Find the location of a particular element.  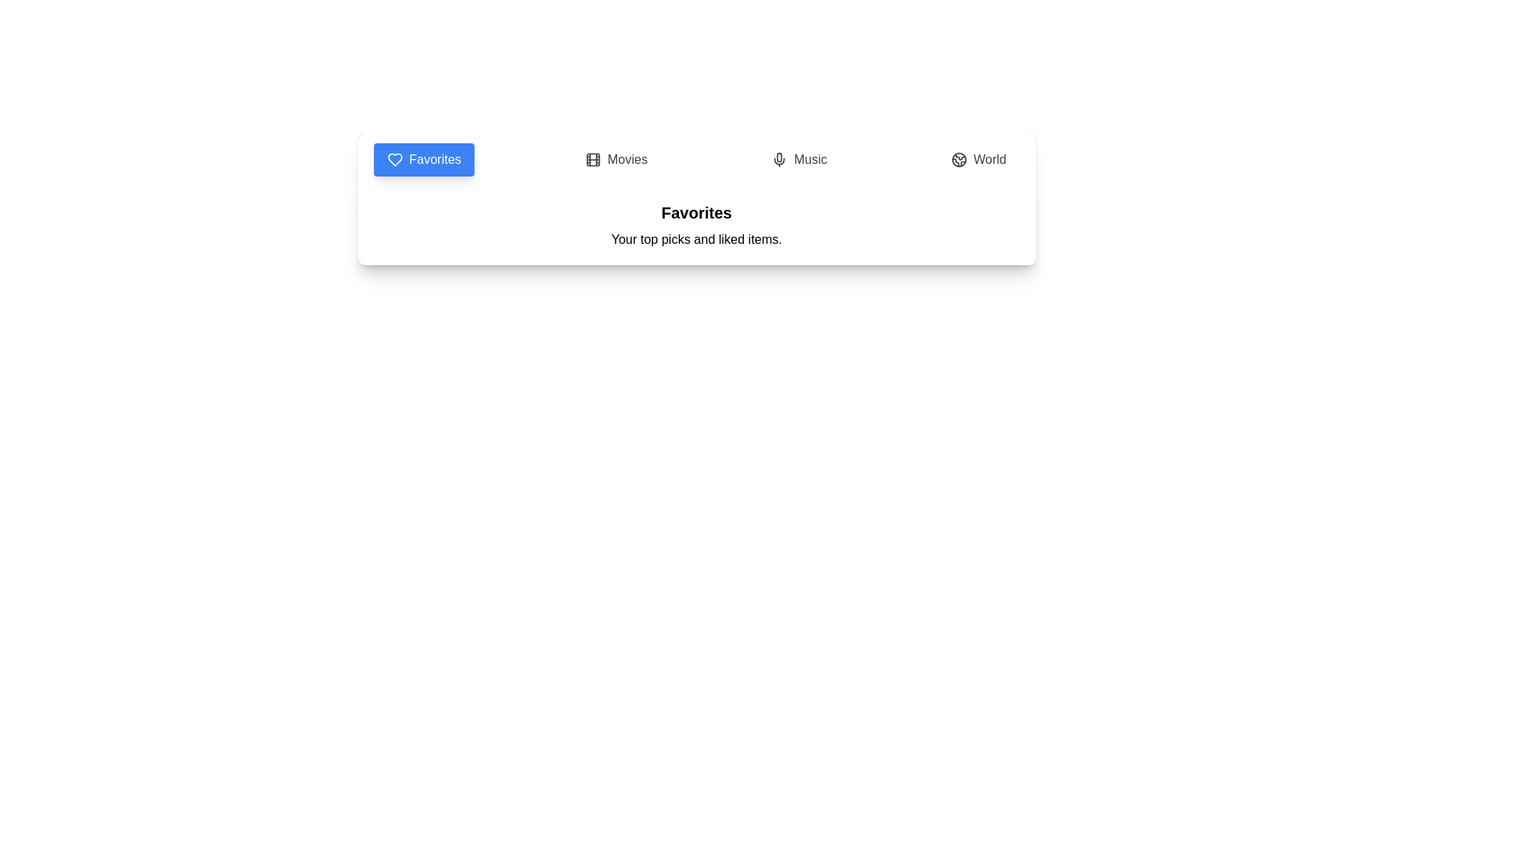

the tab labeled Favorites to select it is located at coordinates (424, 159).